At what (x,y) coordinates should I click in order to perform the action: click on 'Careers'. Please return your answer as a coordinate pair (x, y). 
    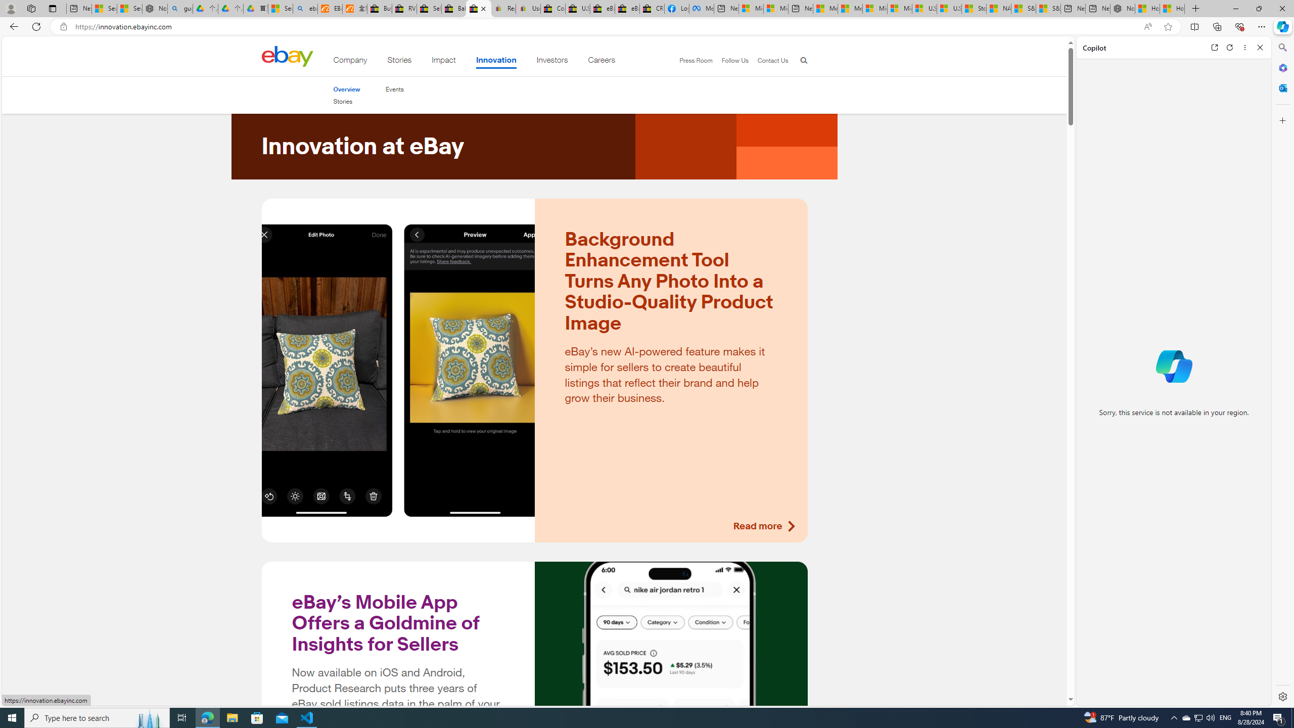
    Looking at the image, I should click on (602, 62).